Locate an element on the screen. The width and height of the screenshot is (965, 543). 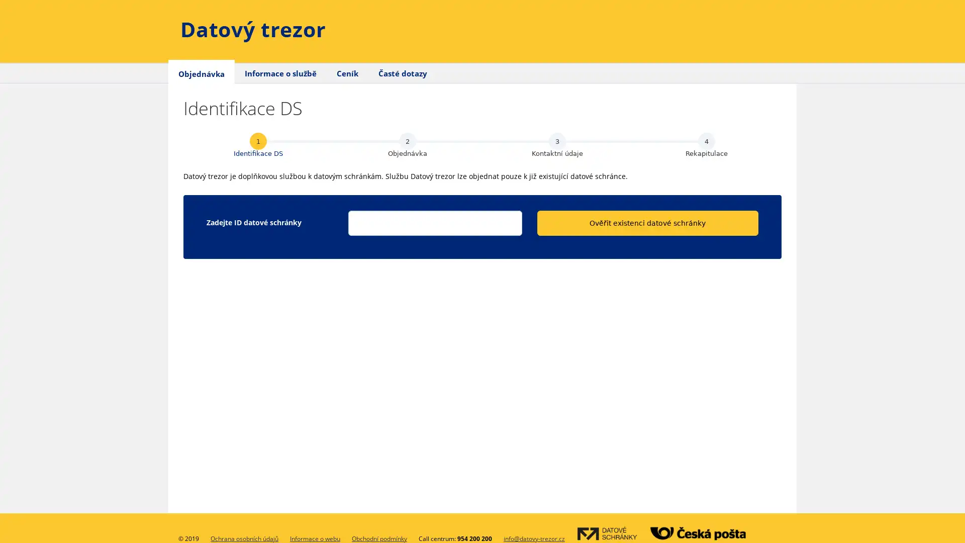
4 Rekapitulace is located at coordinates (706, 144).